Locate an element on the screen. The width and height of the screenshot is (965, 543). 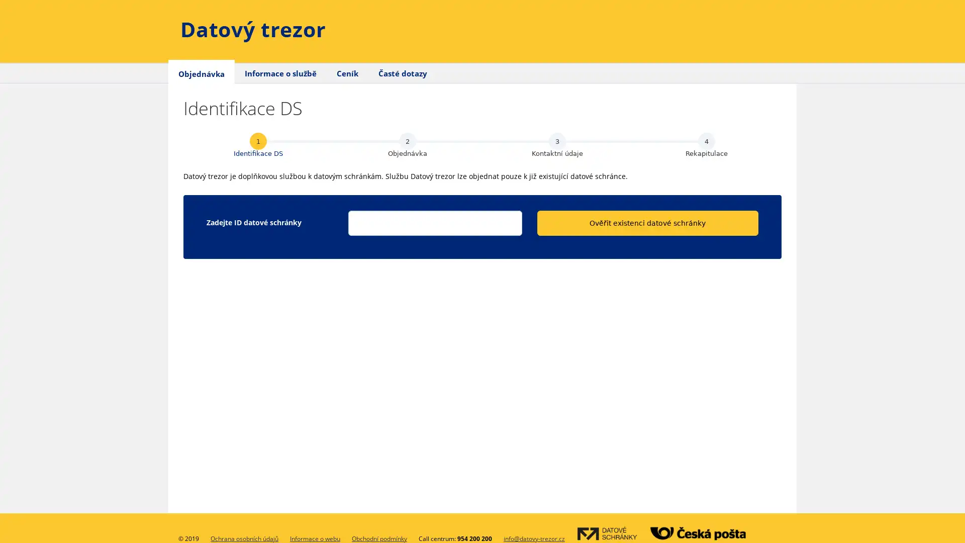
4 Rekapitulace is located at coordinates (706, 144).